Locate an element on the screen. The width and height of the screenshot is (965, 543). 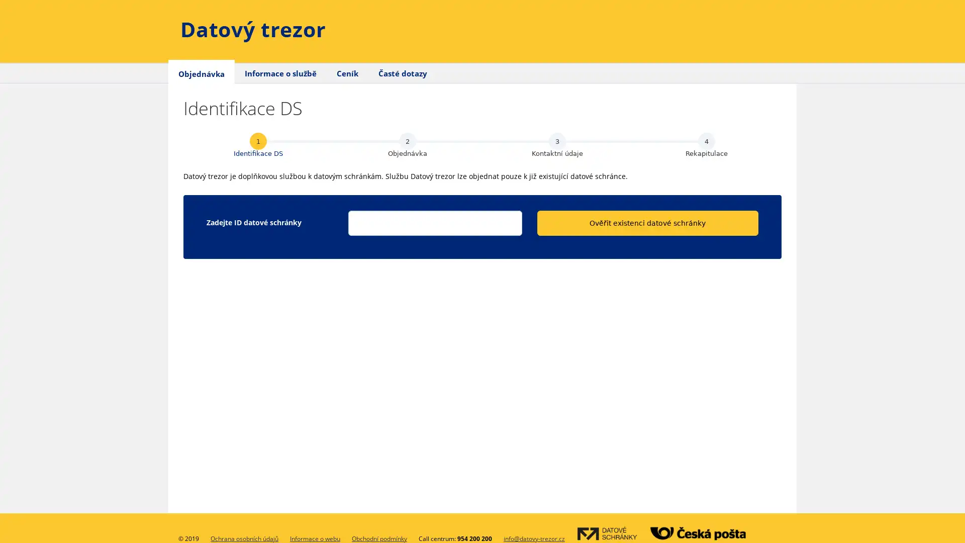
4 Rekapitulace is located at coordinates (706, 144).